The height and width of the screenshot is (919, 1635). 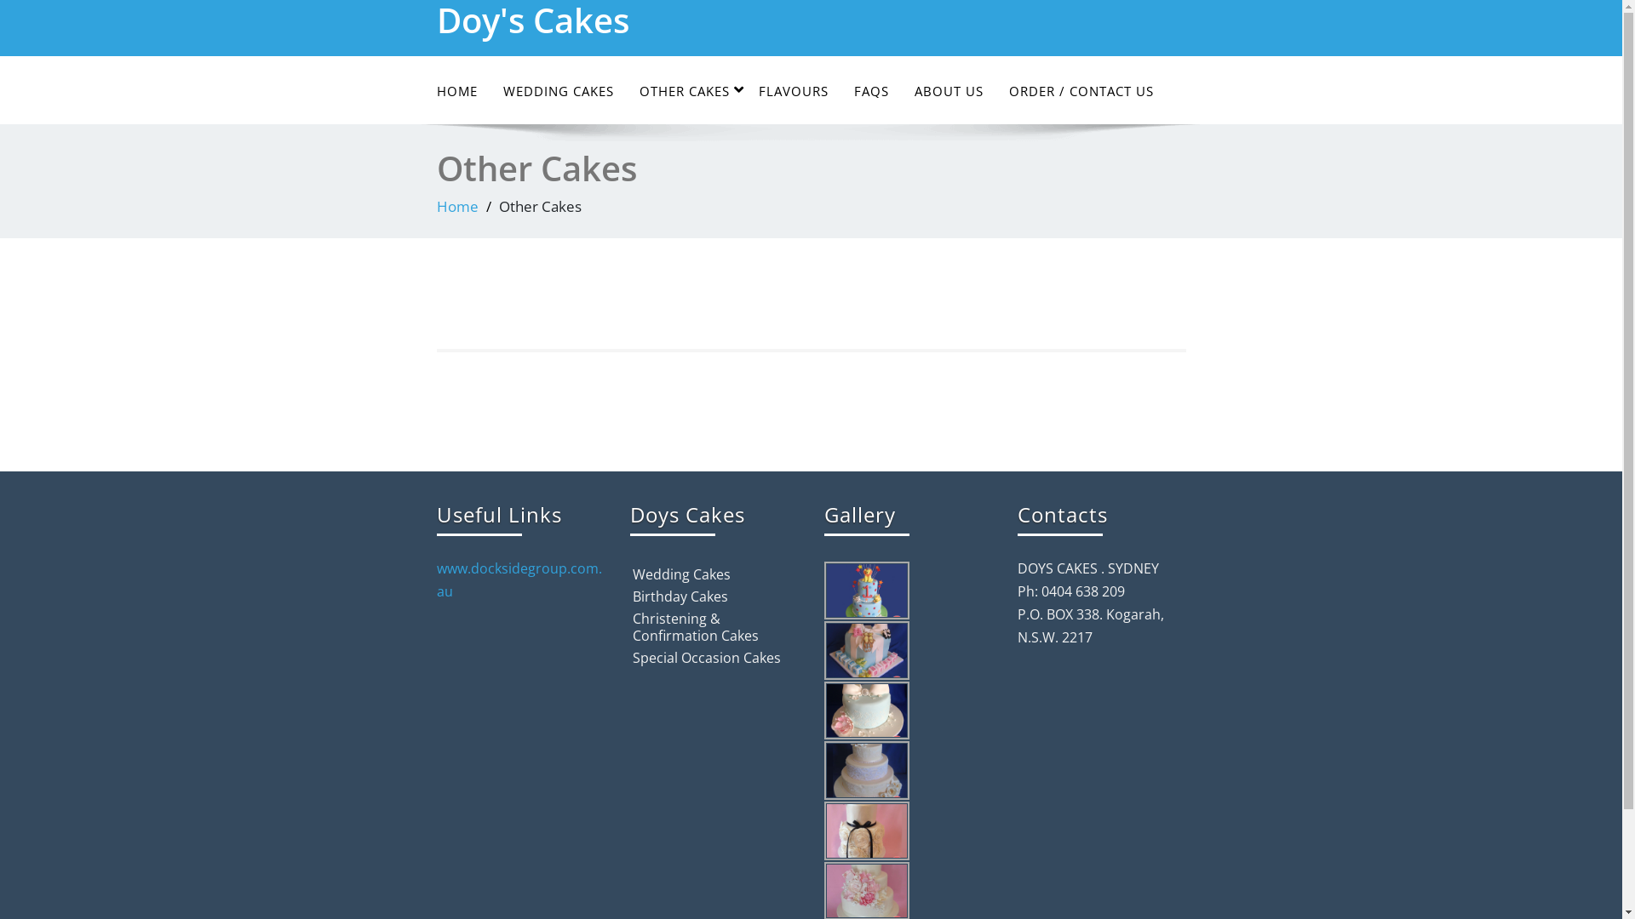 I want to click on 'FLAVOURS', so click(x=745, y=91).